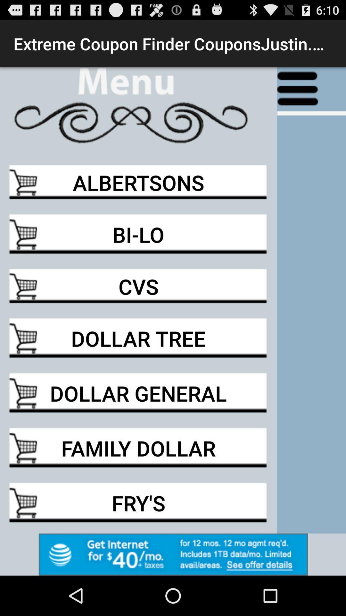 The height and width of the screenshot is (616, 346). Describe the element at coordinates (173, 554) in the screenshot. I see `advertisement area` at that location.